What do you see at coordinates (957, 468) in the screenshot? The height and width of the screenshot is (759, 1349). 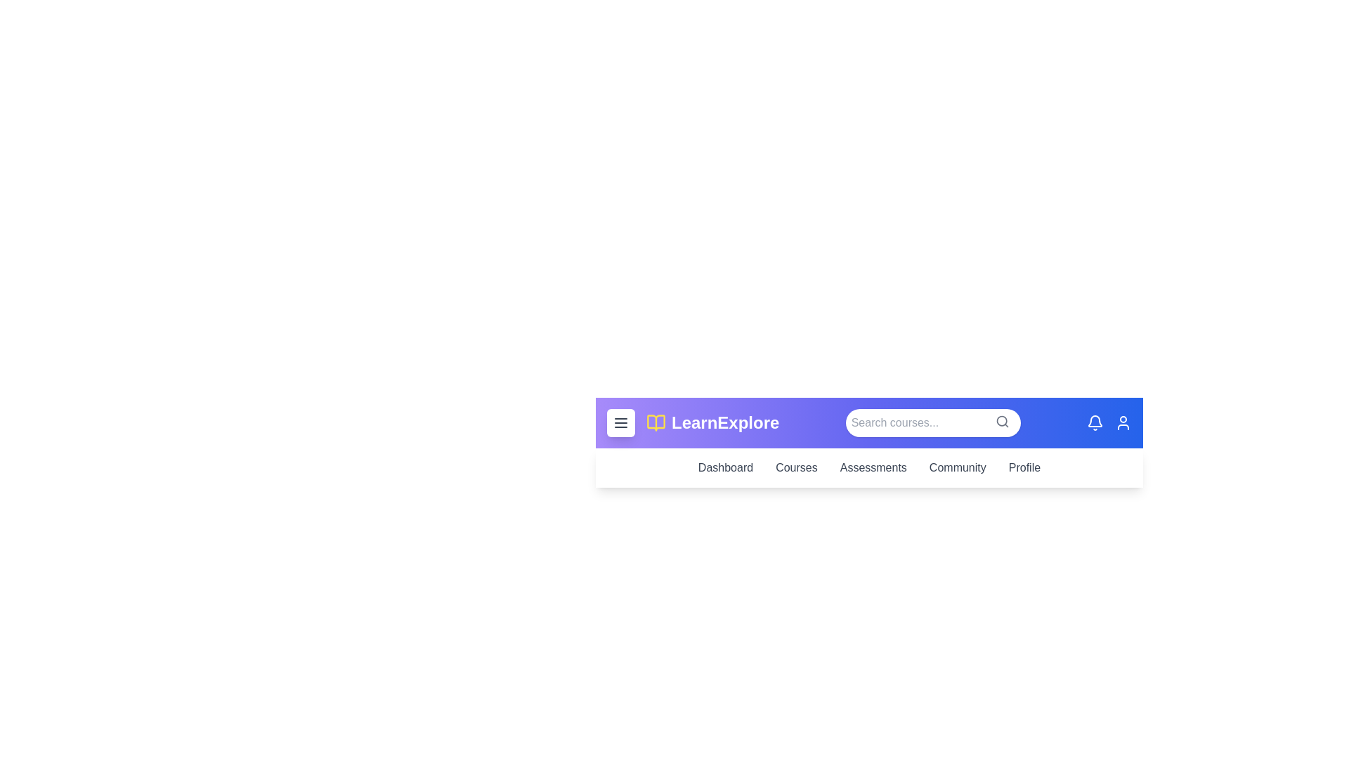 I see `the navigation link 'Community' to observe its hover effect` at bounding box center [957, 468].